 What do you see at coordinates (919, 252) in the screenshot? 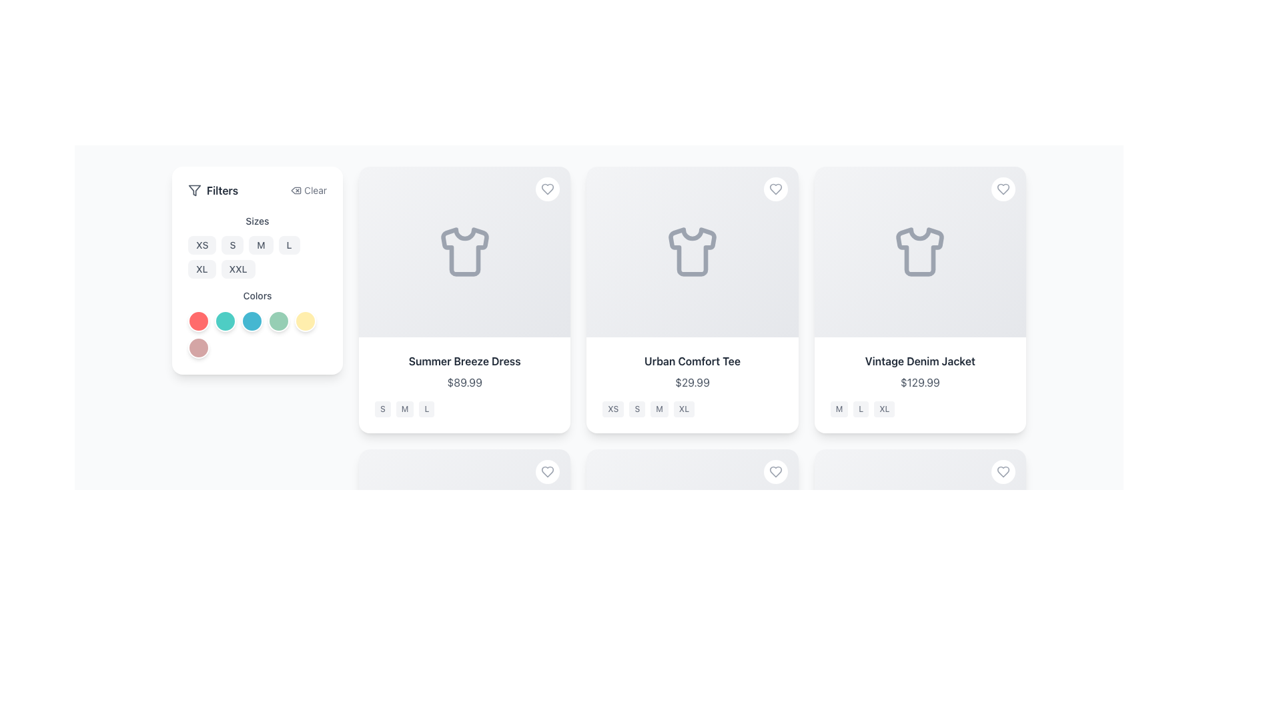
I see `the shirt-shaped icon located in the center of the 'Vintage Denim Jacket' card, which is the rightmost card in a row of three cards` at bounding box center [919, 252].